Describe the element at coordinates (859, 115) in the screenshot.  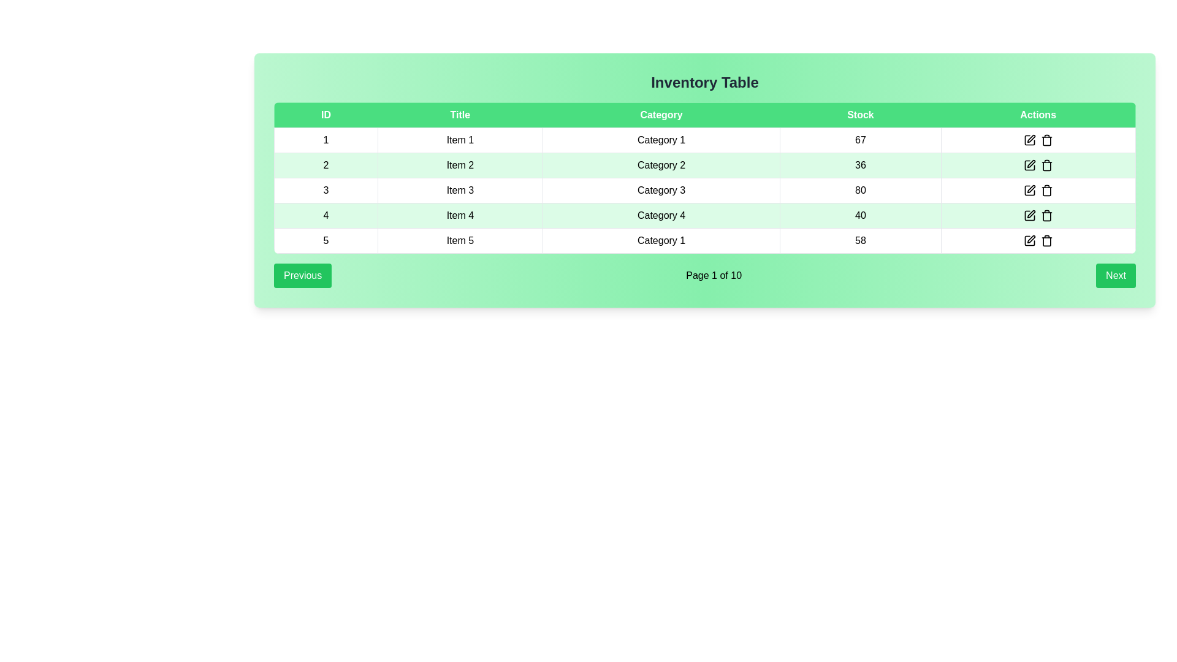
I see `the text label displaying 'Stock' in white font, which is centrally positioned within a green rectangular background in the table header row` at that location.